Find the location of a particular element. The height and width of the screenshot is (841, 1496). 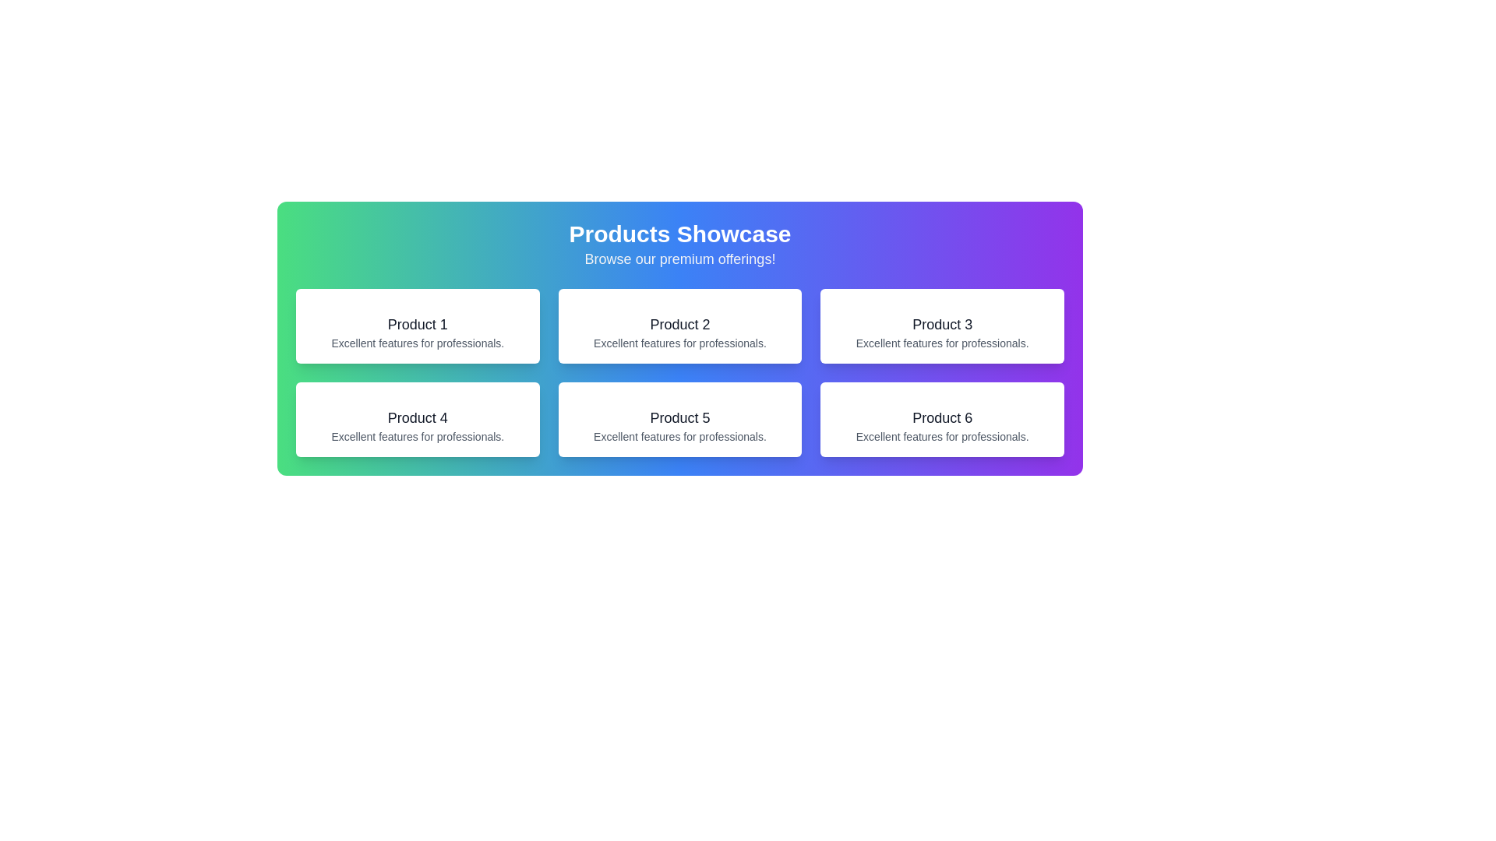

the product overview card for Product 5, located in the second position of the second row in a 2-row, 3-column grid layout is located at coordinates (680, 419).